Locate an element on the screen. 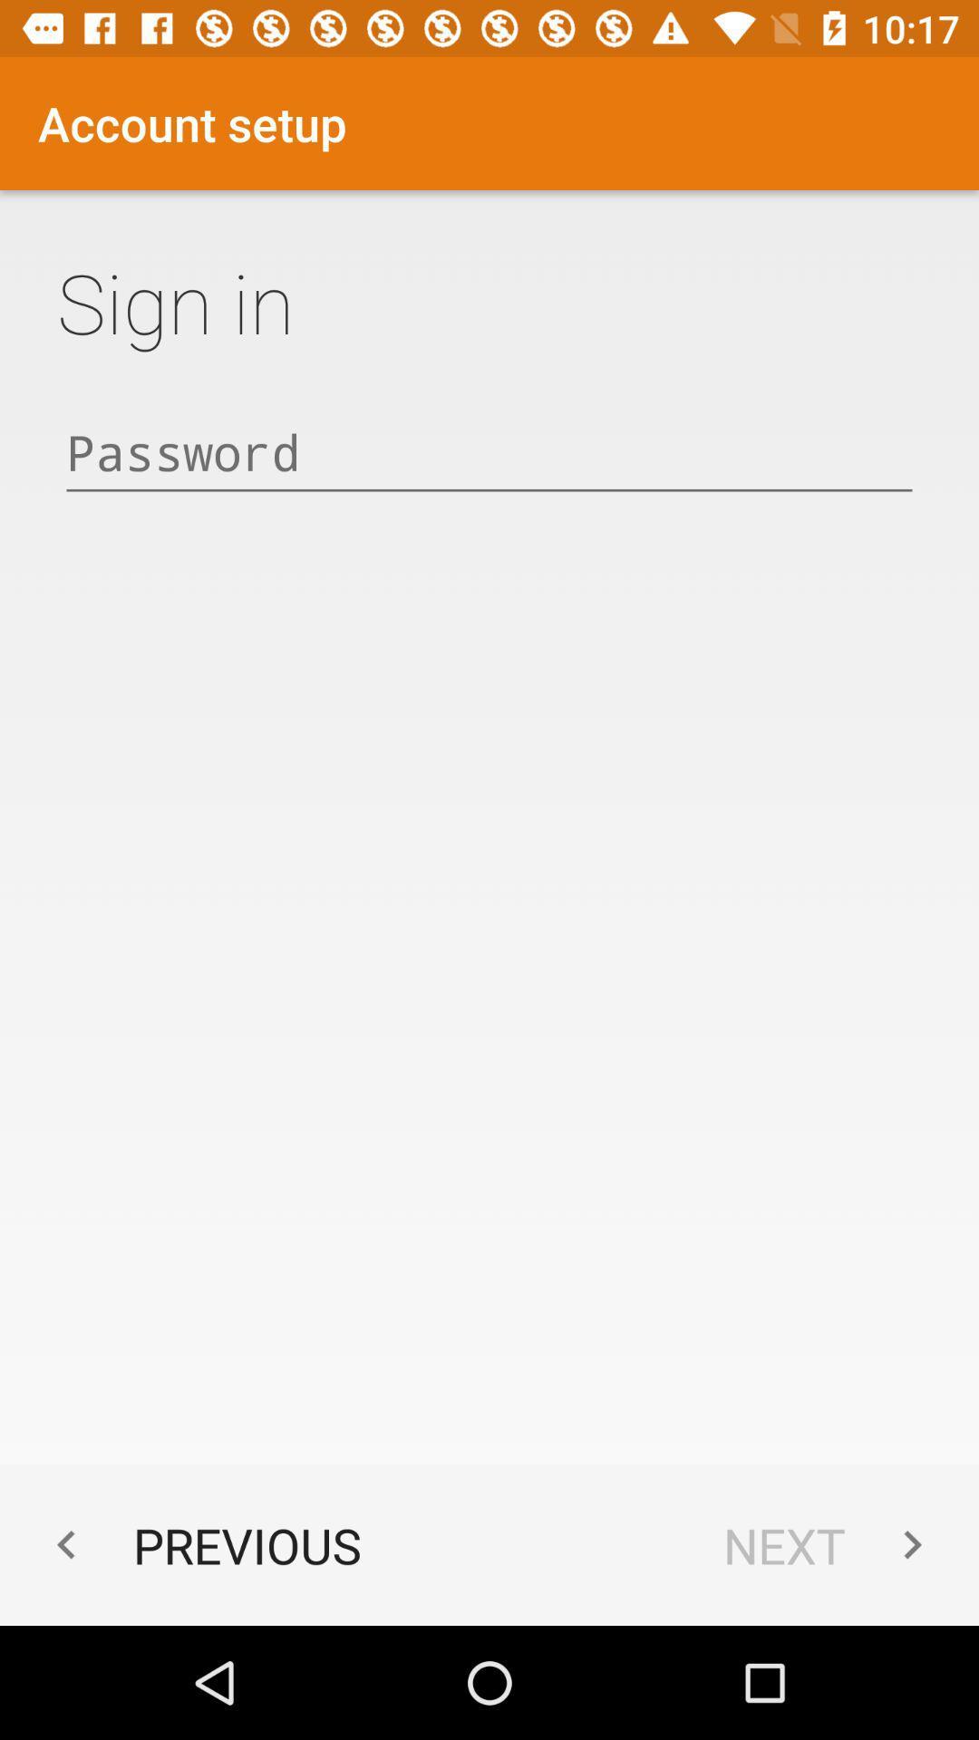 The image size is (979, 1740). the previous icon is located at coordinates (199, 1544).